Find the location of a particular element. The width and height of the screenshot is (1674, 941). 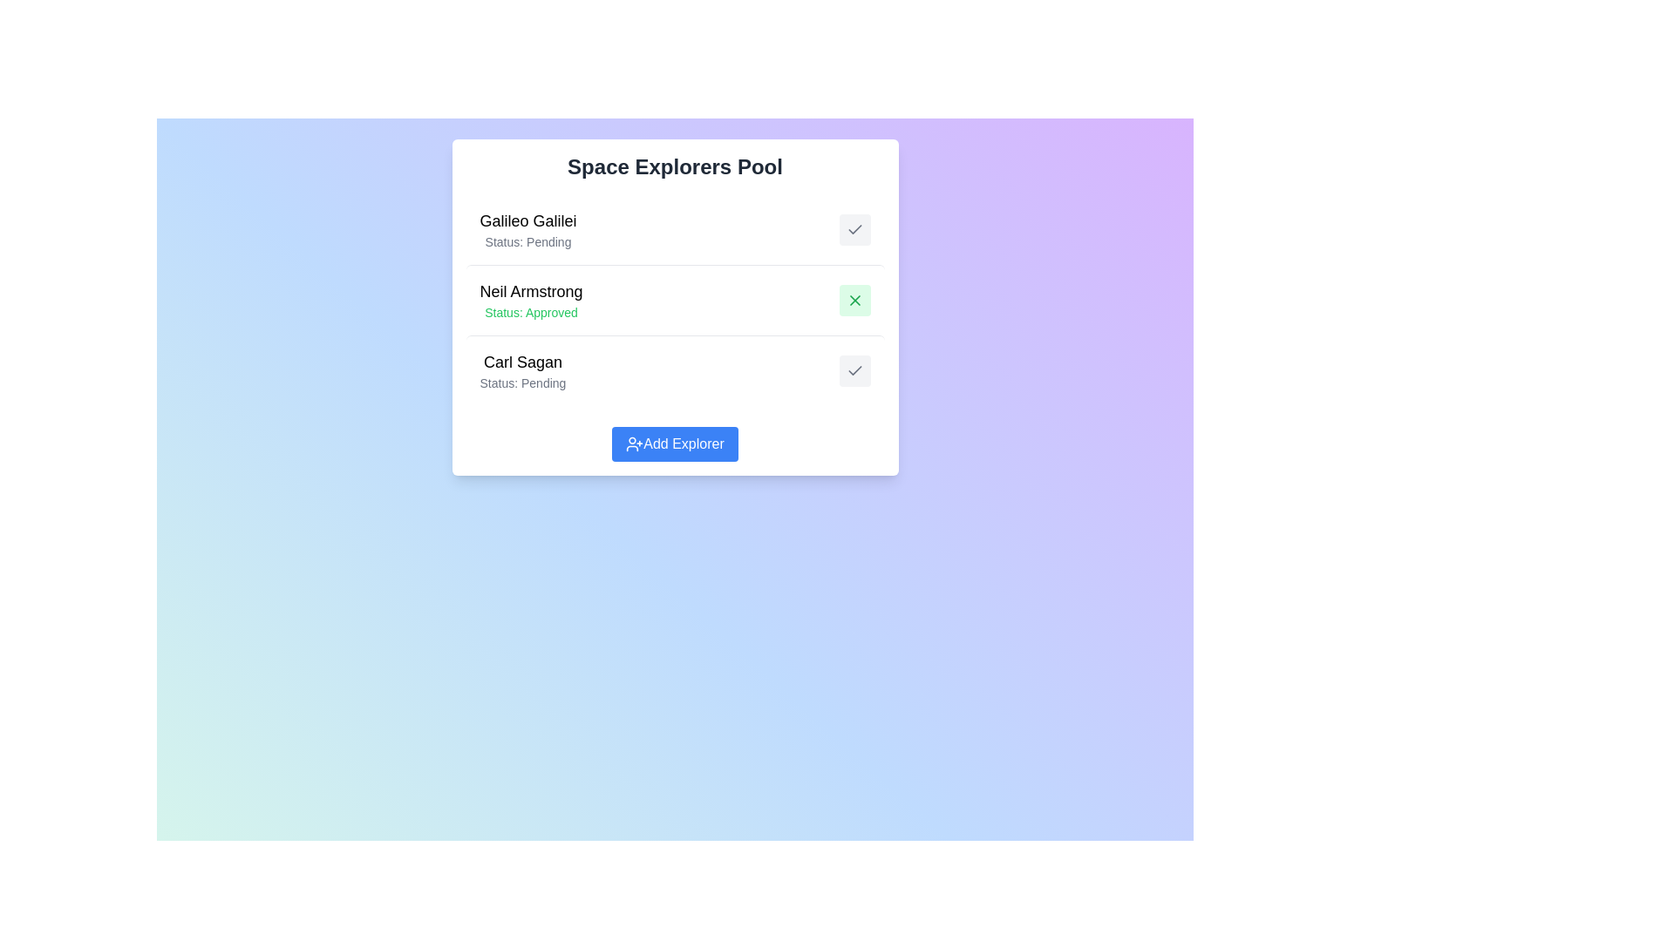

the rounded button with a gray checkmark icon located in the far-right section of the row labeled 'Carl Sagan Status: Pending' within the 'Space Explorers Pool' section is located at coordinates (854, 369).